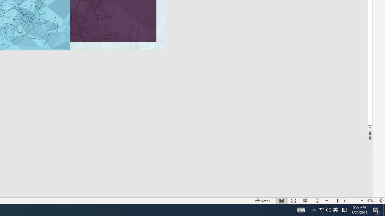  What do you see at coordinates (344, 201) in the screenshot?
I see `'Zoom'` at bounding box center [344, 201].